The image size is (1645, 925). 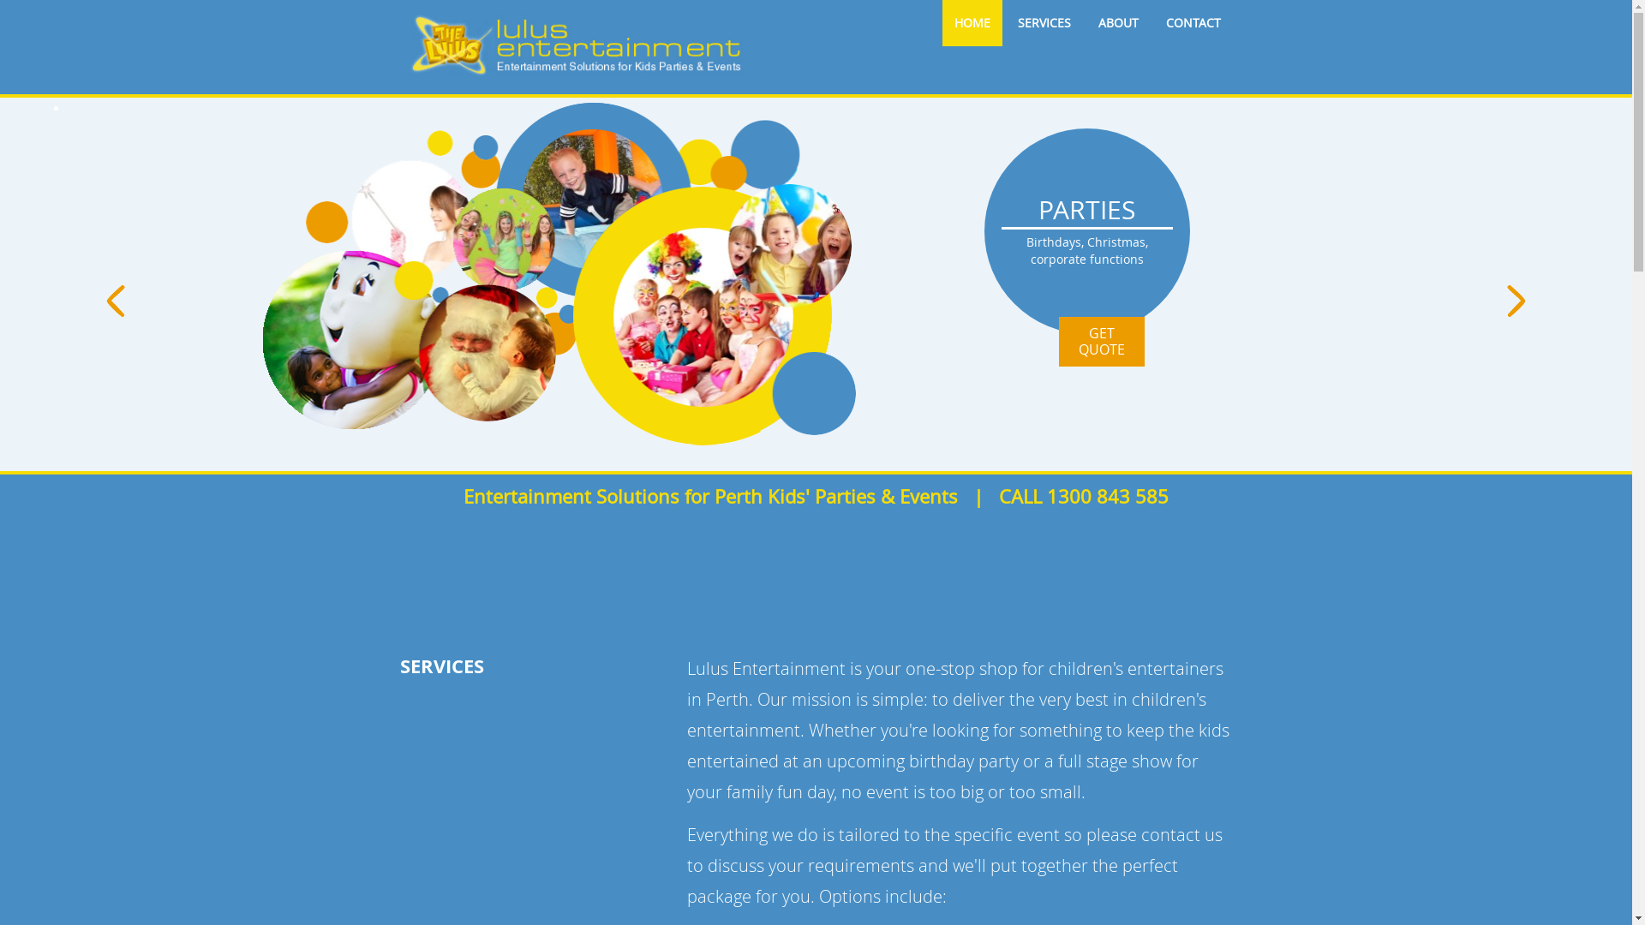 I want to click on 'GET QUOTE', so click(x=1058, y=341).